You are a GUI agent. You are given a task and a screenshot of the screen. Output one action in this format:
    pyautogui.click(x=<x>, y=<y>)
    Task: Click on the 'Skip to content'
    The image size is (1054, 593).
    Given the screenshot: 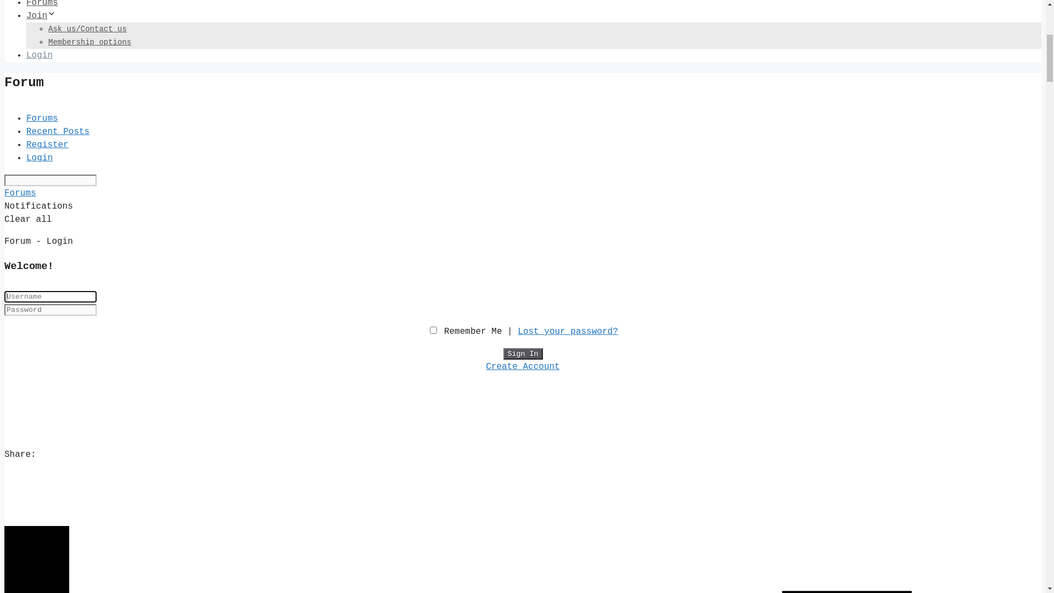 What is the action you would take?
    pyautogui.click(x=44, y=10)
    